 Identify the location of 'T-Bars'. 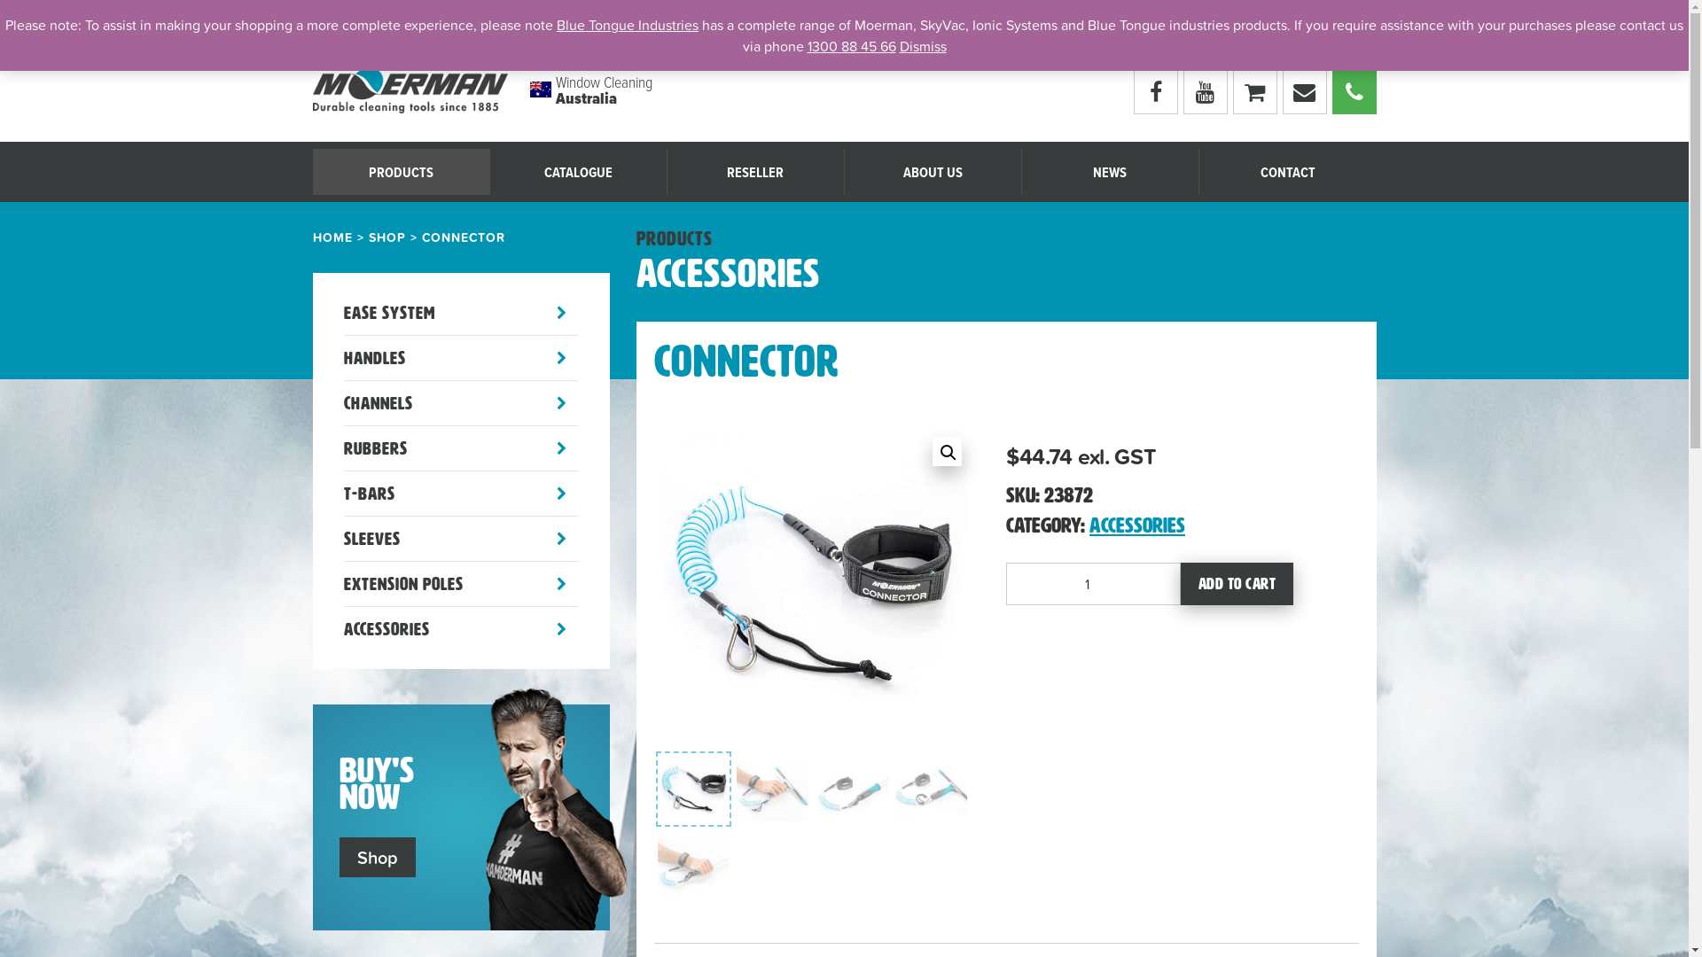
(344, 493).